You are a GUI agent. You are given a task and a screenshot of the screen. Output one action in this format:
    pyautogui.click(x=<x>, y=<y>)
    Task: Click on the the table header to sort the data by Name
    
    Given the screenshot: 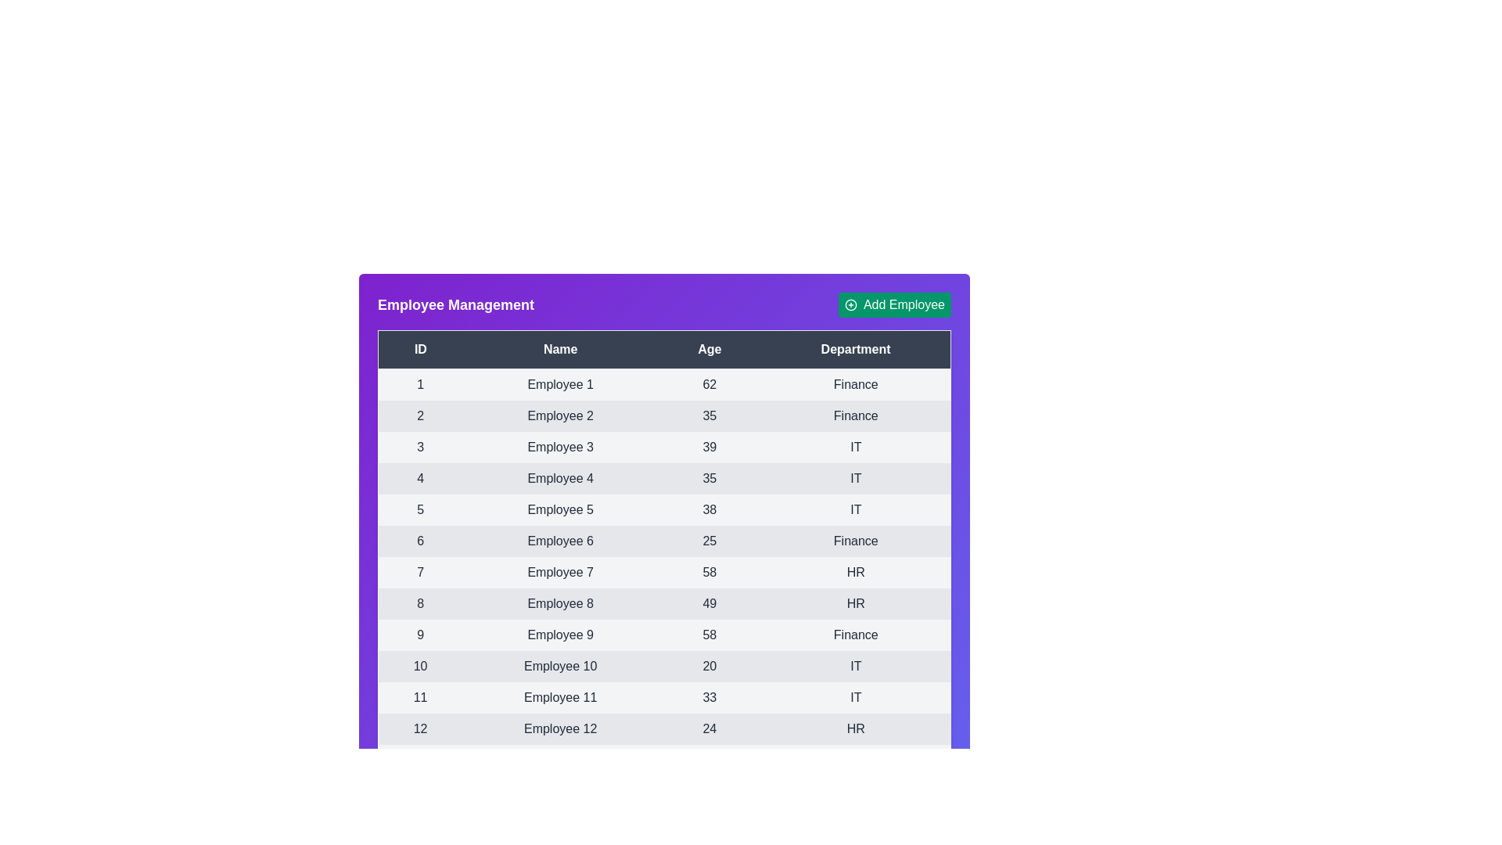 What is the action you would take?
    pyautogui.click(x=560, y=349)
    